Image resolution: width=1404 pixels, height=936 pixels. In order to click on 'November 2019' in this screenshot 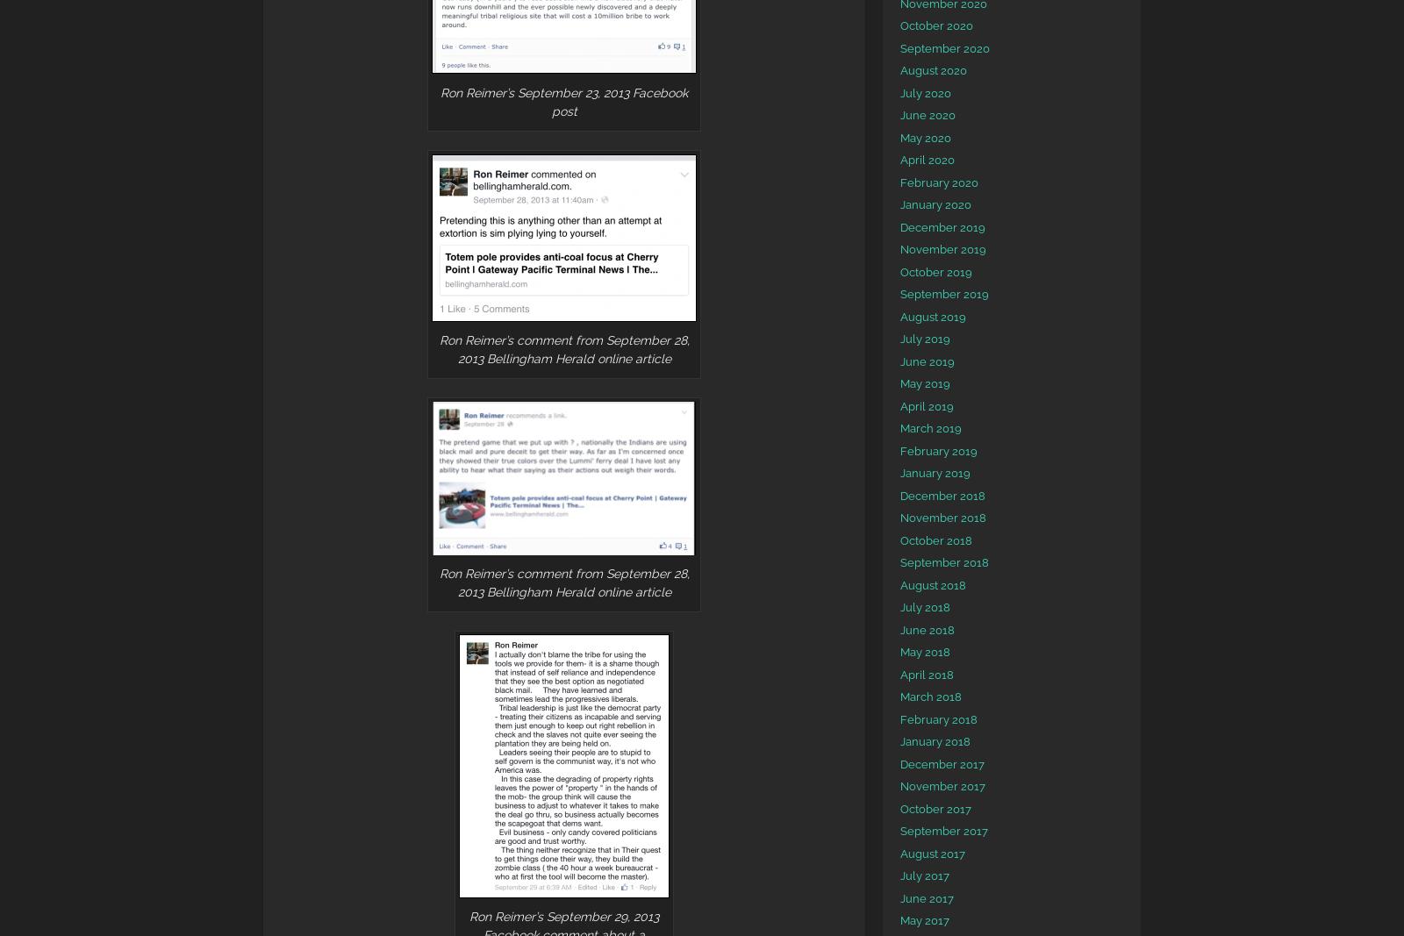, I will do `click(943, 249)`.